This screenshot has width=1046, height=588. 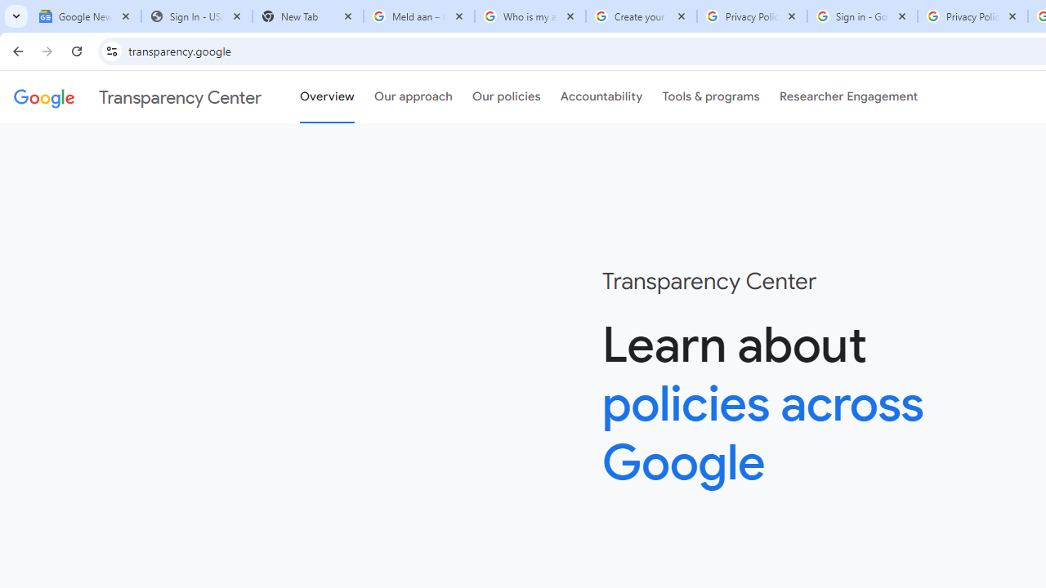 I want to click on 'New Tab', so click(x=307, y=16).